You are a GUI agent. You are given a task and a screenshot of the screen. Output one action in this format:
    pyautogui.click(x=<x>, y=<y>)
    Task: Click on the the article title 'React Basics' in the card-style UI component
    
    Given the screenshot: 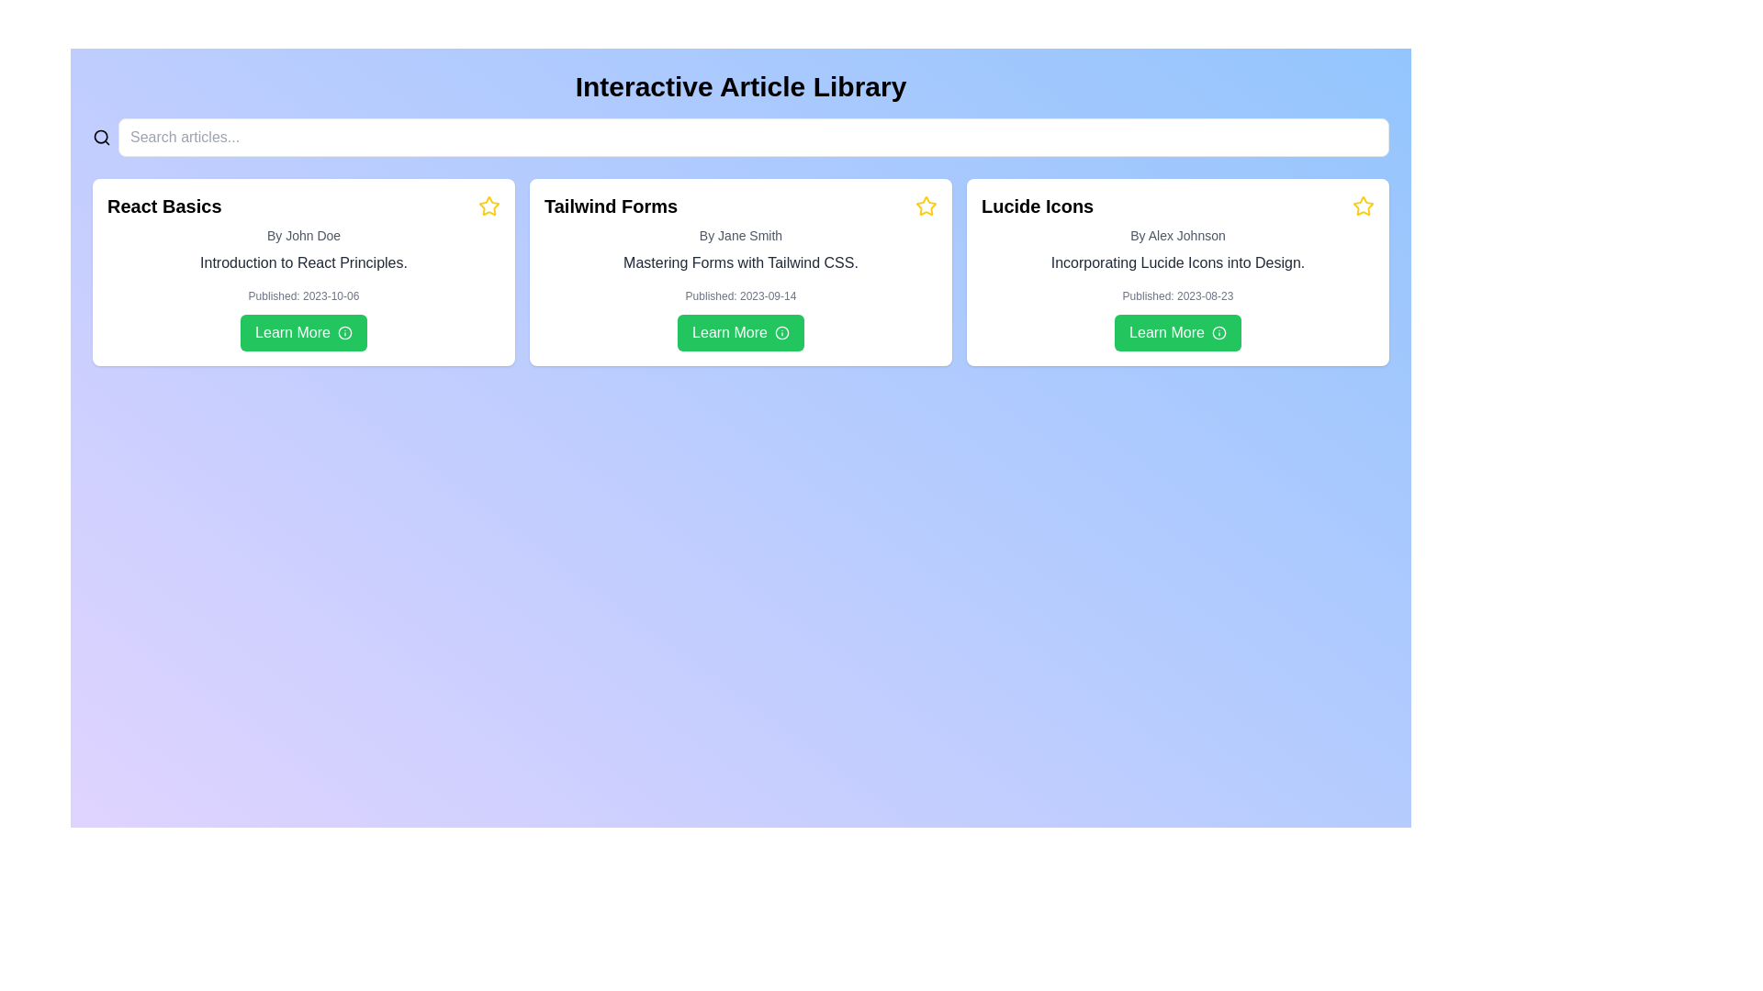 What is the action you would take?
    pyautogui.click(x=304, y=273)
    